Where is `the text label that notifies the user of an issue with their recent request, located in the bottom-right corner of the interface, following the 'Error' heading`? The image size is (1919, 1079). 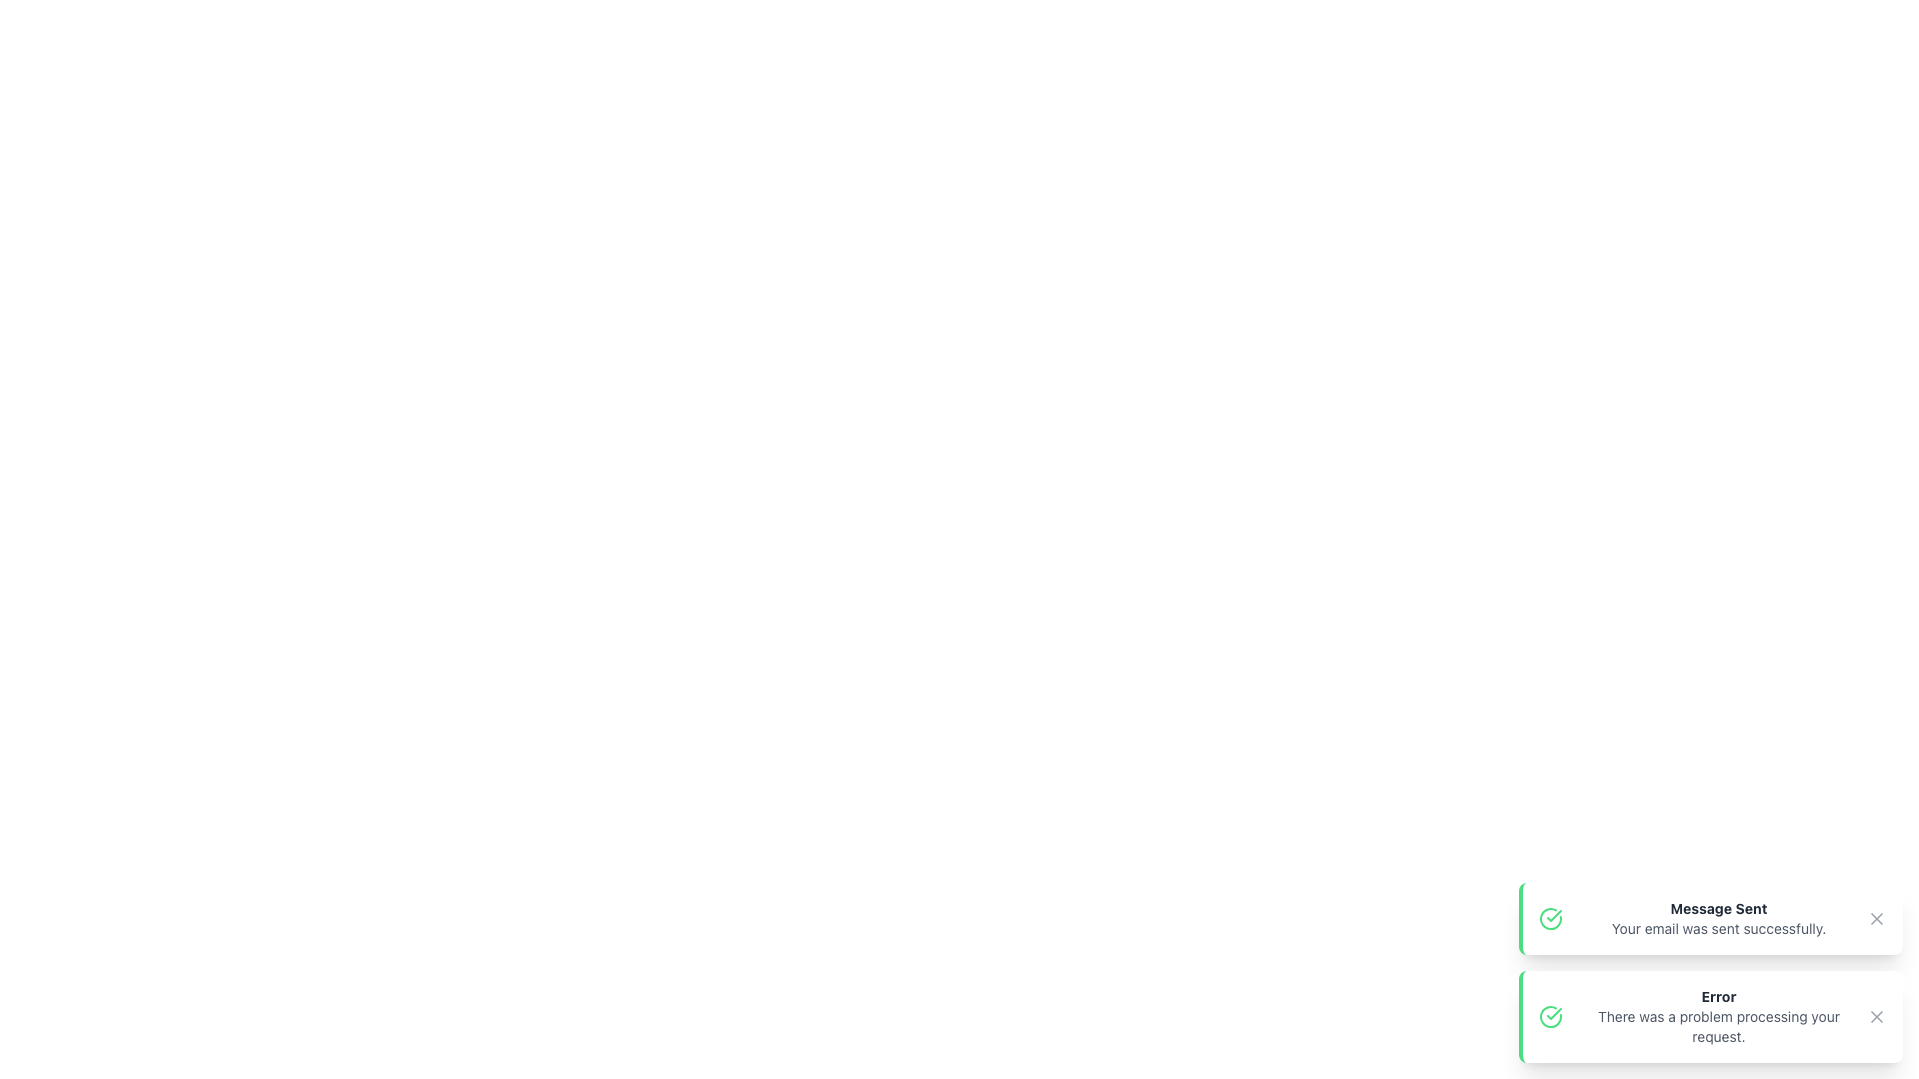 the text label that notifies the user of an issue with their recent request, located in the bottom-right corner of the interface, following the 'Error' heading is located at coordinates (1717, 1027).